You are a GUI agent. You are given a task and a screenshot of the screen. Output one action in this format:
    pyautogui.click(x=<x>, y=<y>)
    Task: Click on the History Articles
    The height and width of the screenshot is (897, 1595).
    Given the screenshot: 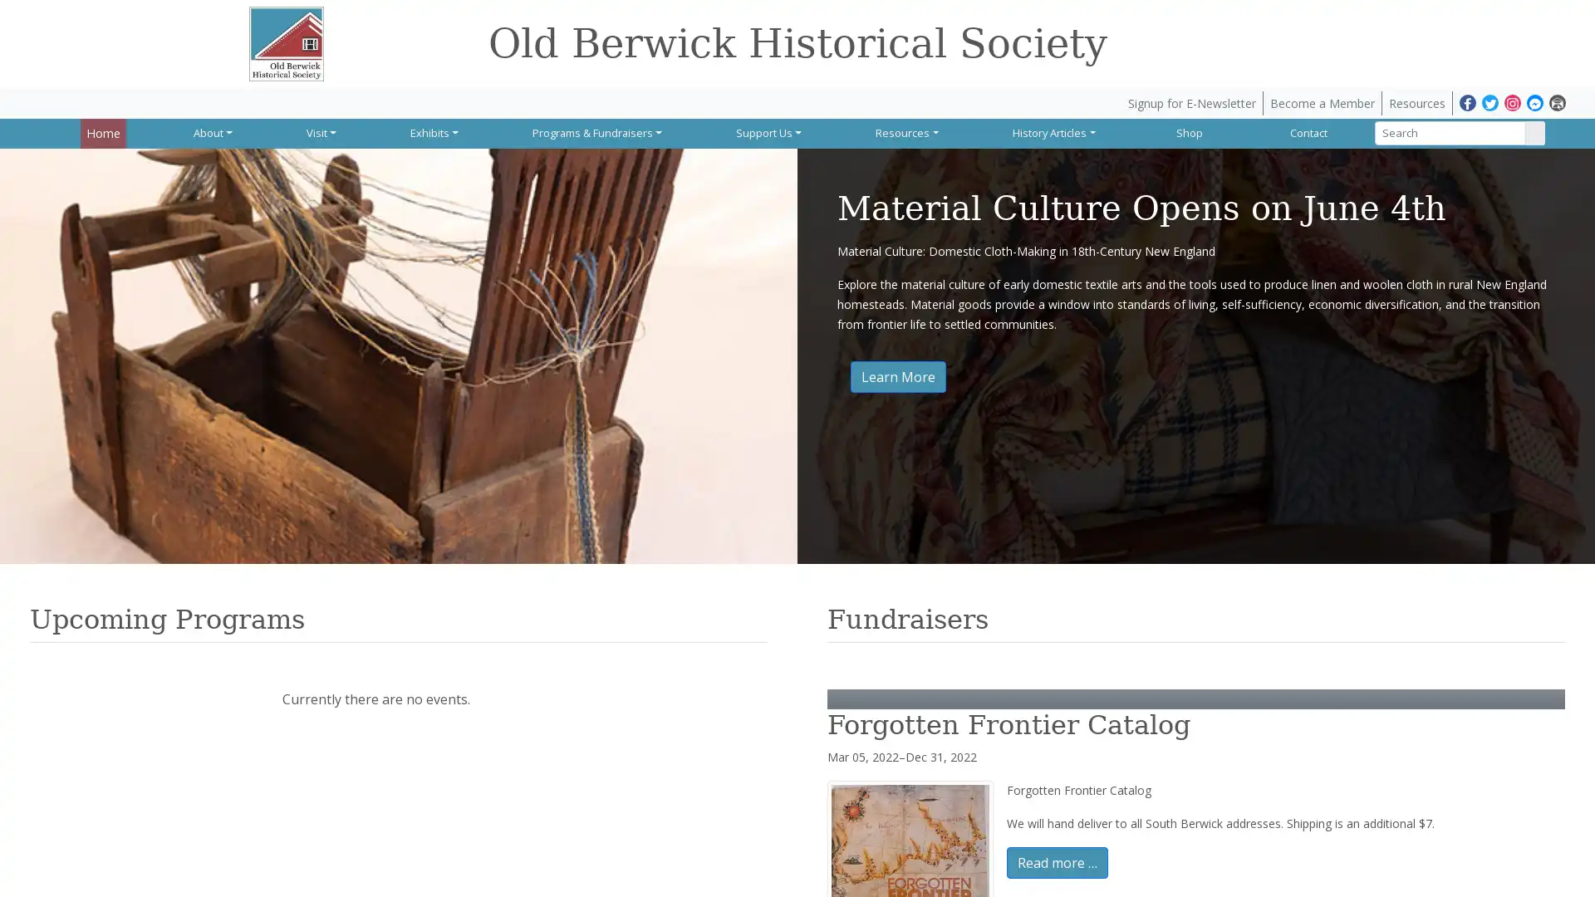 What is the action you would take?
    pyautogui.click(x=1048, y=131)
    